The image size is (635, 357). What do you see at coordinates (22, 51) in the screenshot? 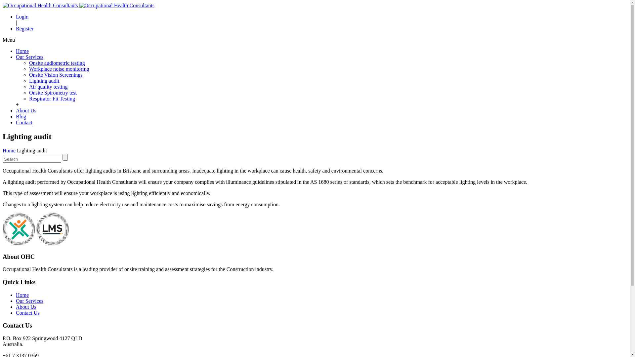
I see `'Home'` at bounding box center [22, 51].